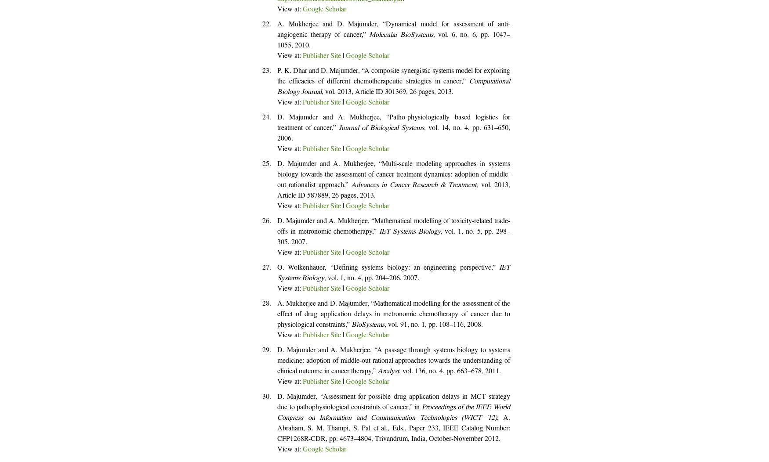  Describe the element at coordinates (433, 325) in the screenshot. I see `', vol. 91, no. 1, pp. 108–116, 2008.'` at that location.